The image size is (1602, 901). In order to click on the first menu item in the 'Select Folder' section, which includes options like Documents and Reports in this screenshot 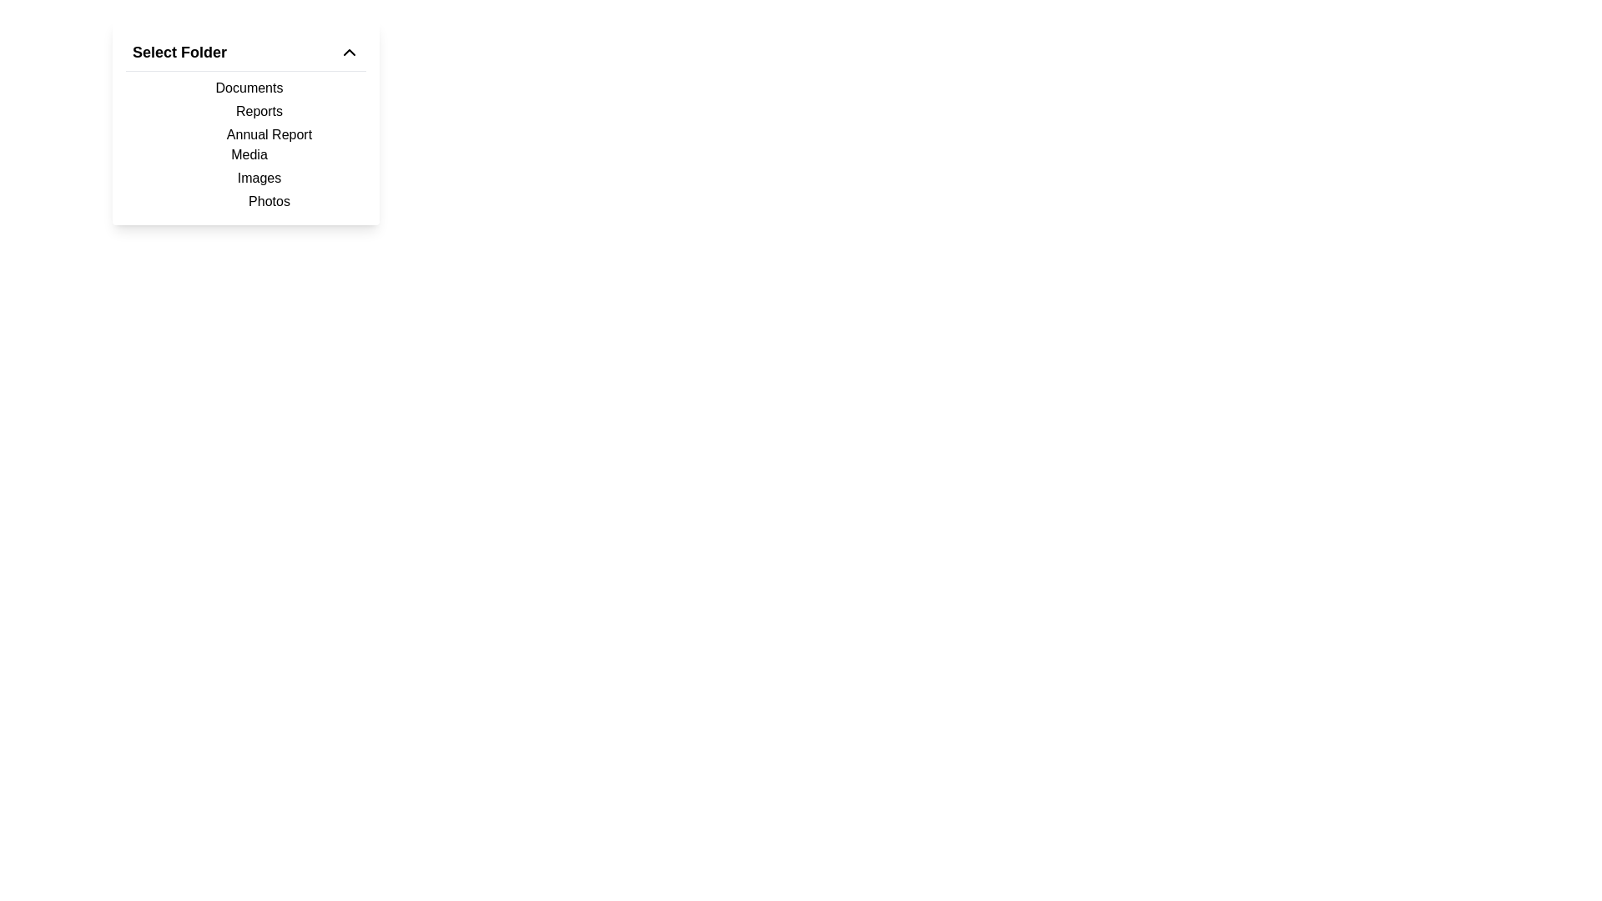, I will do `click(244, 112)`.